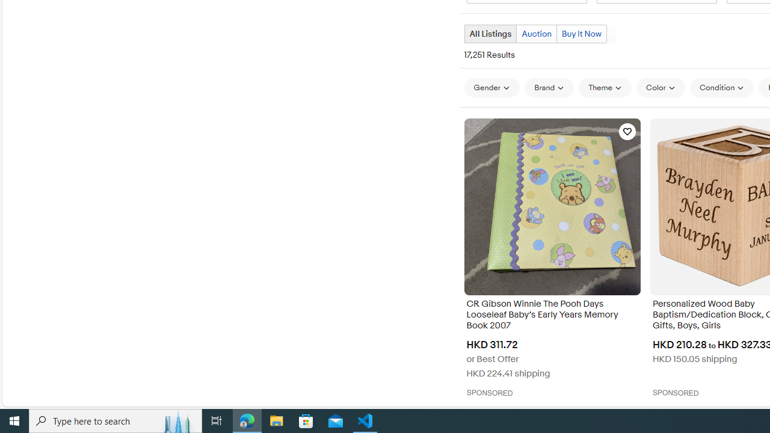 The height and width of the screenshot is (433, 770). Describe the element at coordinates (549, 87) in the screenshot. I see `'Brand'` at that location.